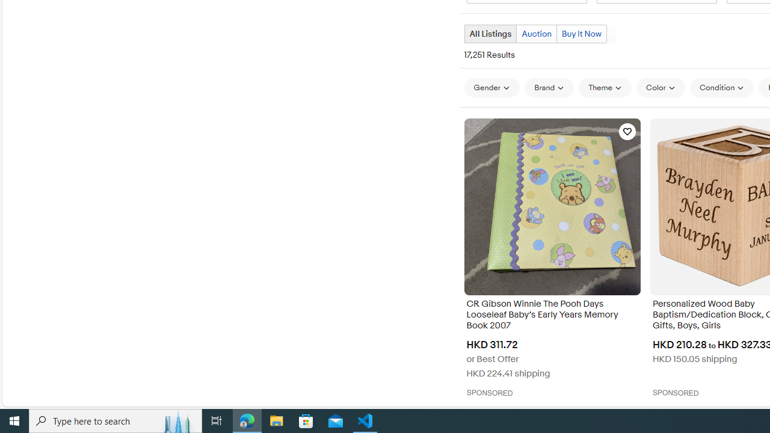 The height and width of the screenshot is (433, 770). Describe the element at coordinates (549, 87) in the screenshot. I see `'Brand'` at that location.